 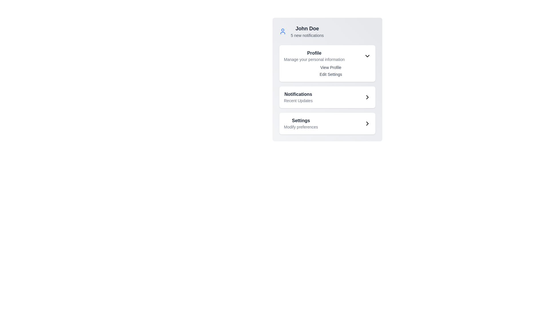 I want to click on the right-pointing chevron icon located at the end of the 'Settings' row, so click(x=367, y=123).